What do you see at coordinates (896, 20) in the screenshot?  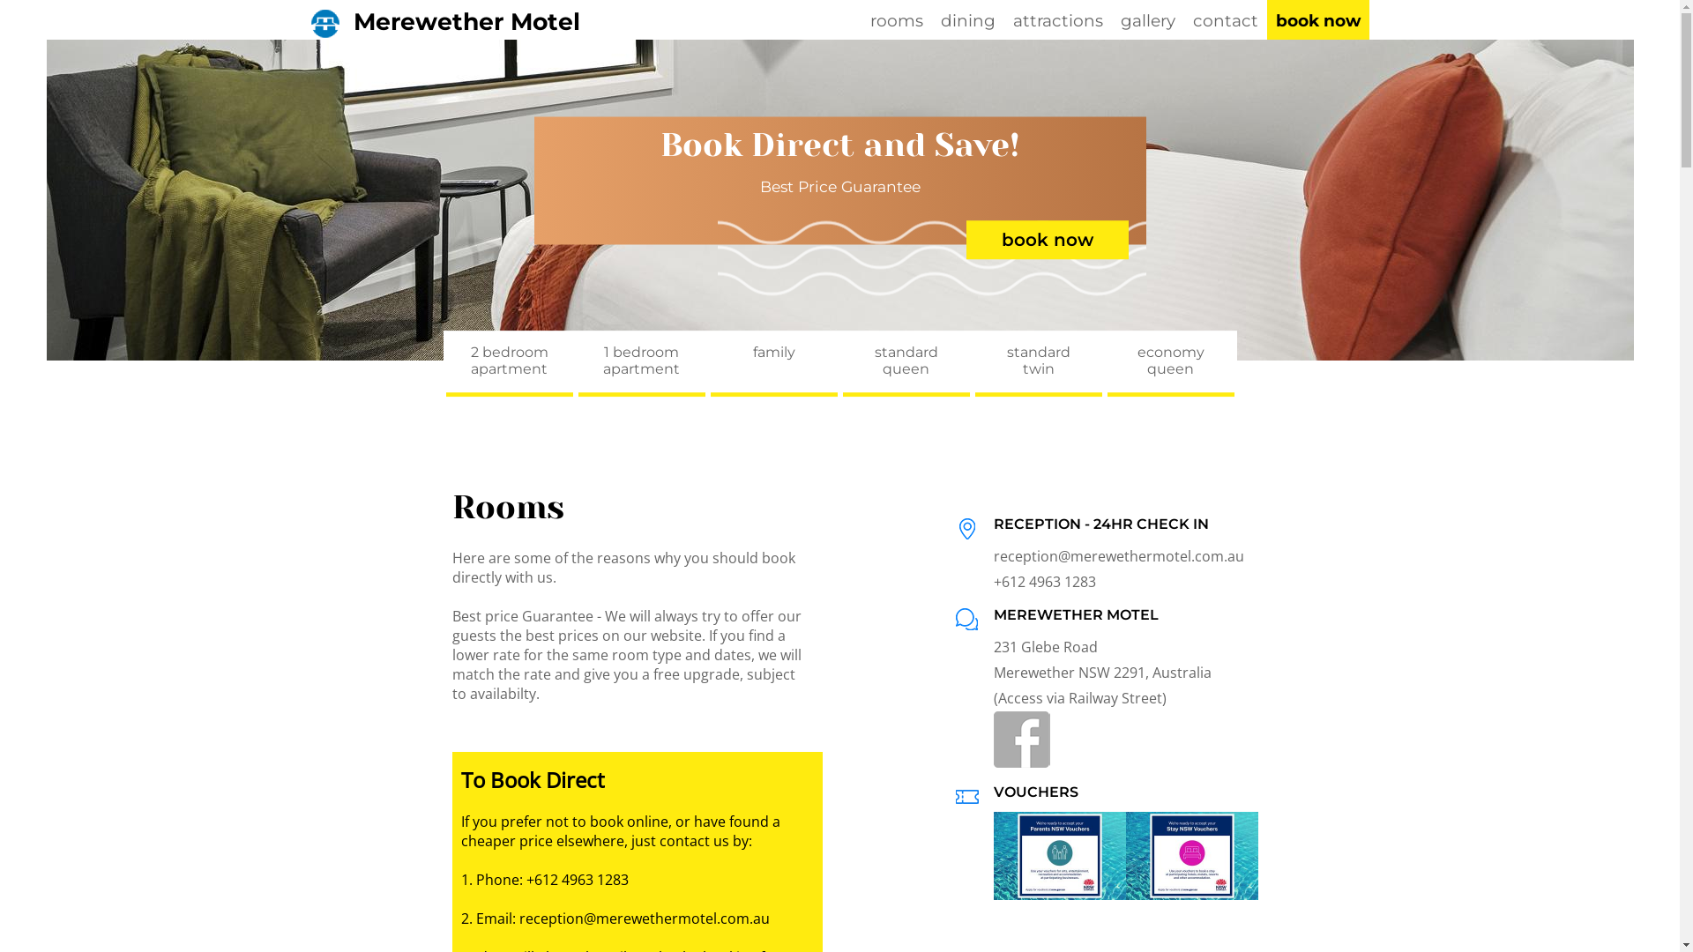 I see `'rooms'` at bounding box center [896, 20].